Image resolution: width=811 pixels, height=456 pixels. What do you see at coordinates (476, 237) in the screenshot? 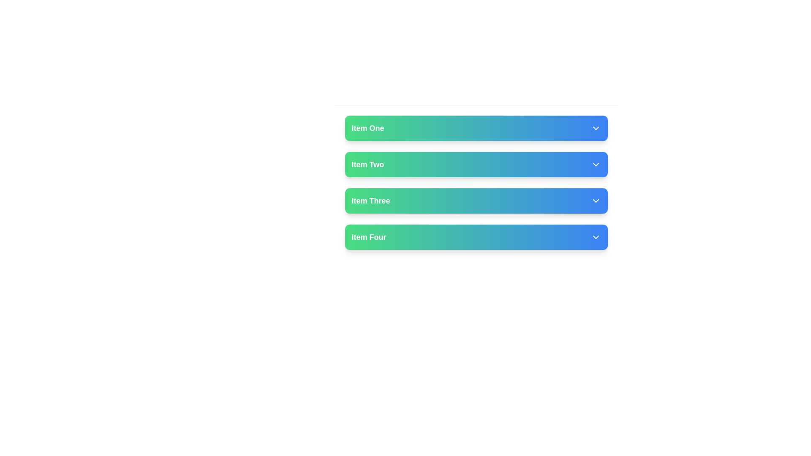
I see `the interactive dropdown button for 'Item Four'` at bounding box center [476, 237].